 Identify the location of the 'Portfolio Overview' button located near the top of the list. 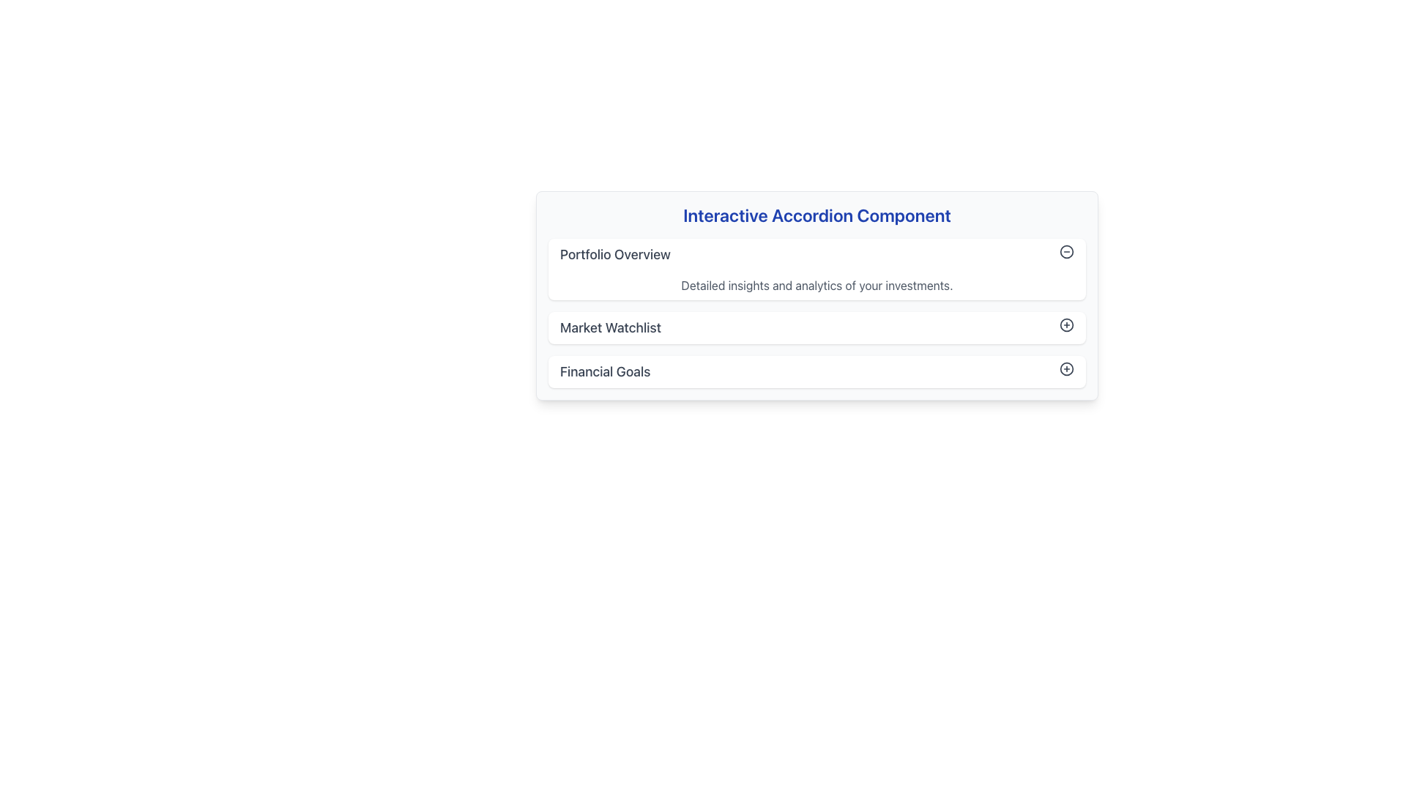
(817, 253).